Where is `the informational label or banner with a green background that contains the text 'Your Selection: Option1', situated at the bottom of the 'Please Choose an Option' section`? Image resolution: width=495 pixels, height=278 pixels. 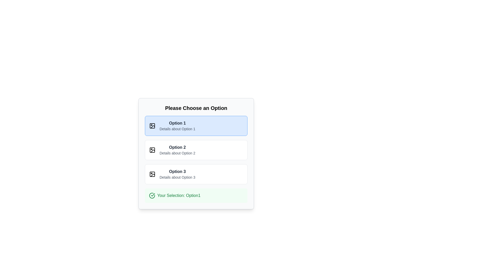
the informational label or banner with a green background that contains the text 'Your Selection: Option1', situated at the bottom of the 'Please Choose an Option' section is located at coordinates (196, 195).